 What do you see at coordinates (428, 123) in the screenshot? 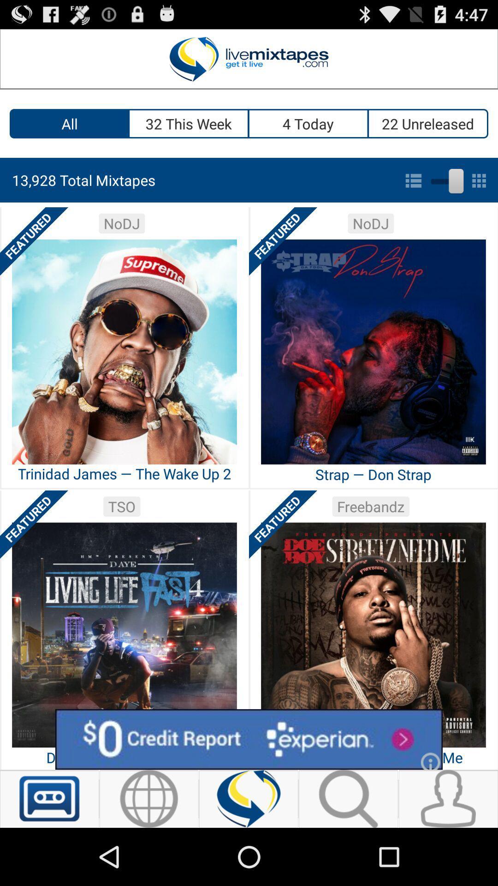
I see `the app next to 4 today` at bounding box center [428, 123].